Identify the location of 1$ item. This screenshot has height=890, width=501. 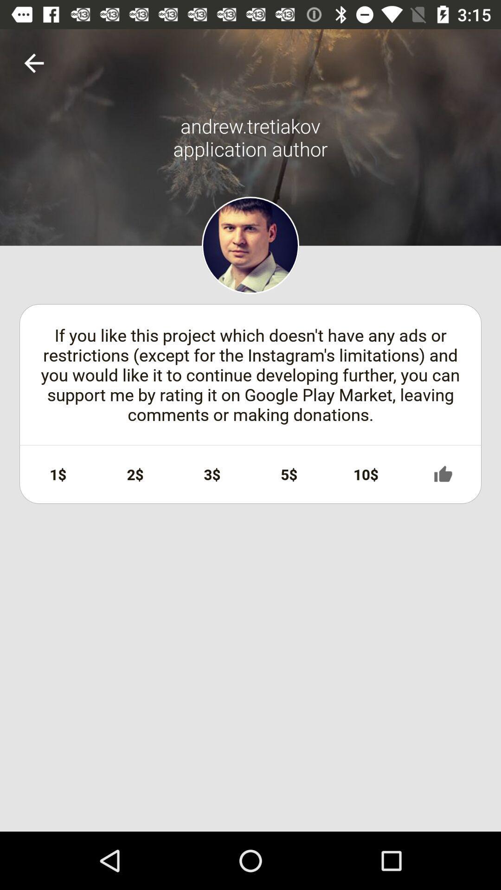
(58, 474).